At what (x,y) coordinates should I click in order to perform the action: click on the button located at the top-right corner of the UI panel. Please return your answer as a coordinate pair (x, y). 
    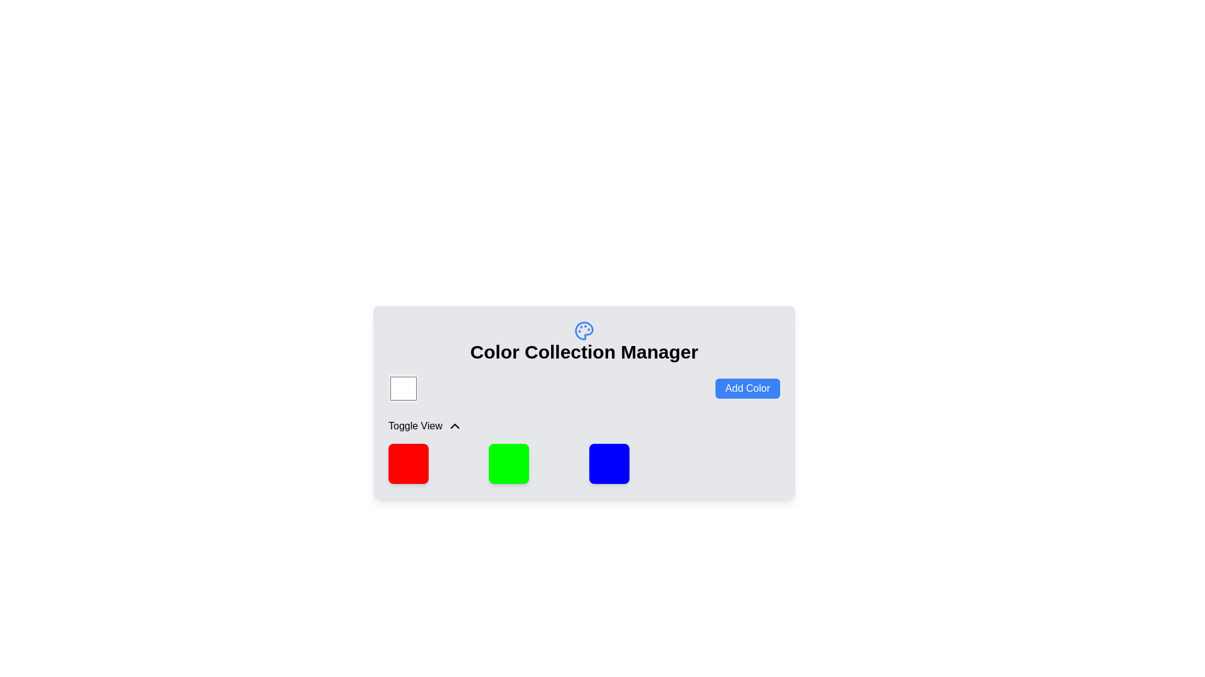
    Looking at the image, I should click on (747, 388).